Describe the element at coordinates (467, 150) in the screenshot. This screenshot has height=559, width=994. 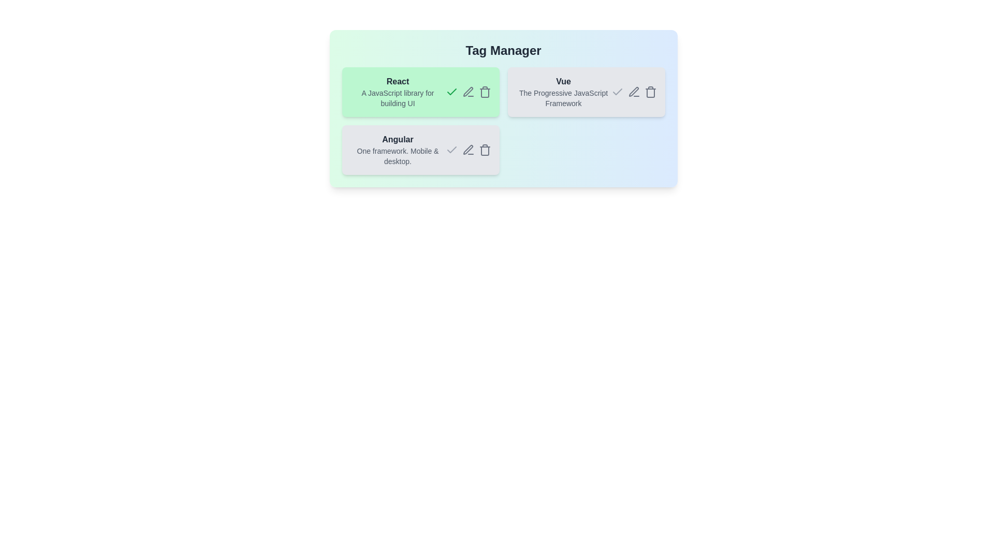
I see `edit icon for the tag Angular` at that location.